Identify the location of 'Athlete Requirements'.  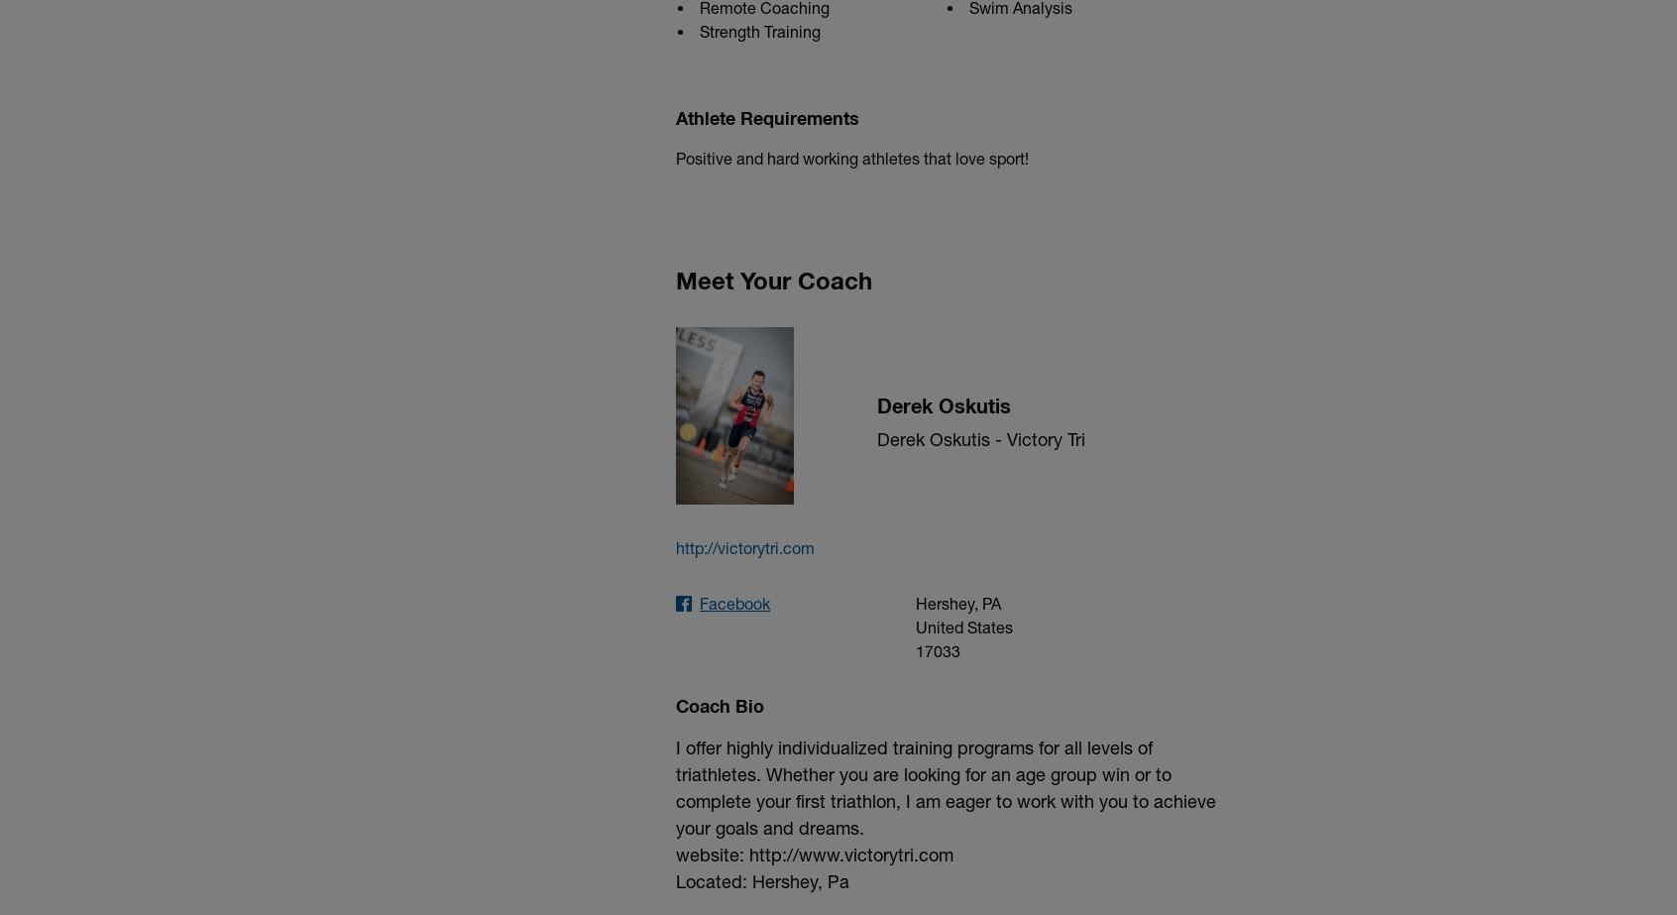
(676, 116).